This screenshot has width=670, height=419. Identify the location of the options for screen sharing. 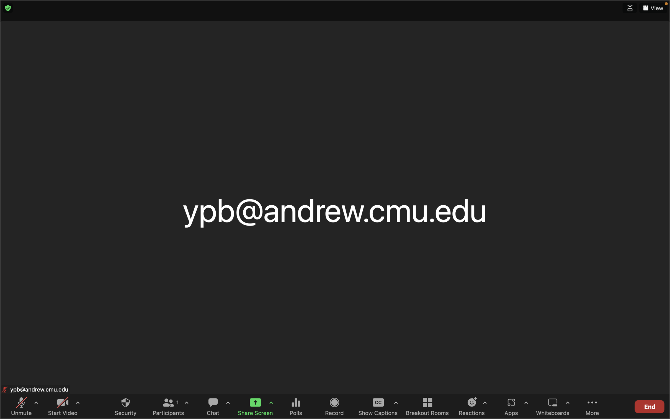
(271, 403).